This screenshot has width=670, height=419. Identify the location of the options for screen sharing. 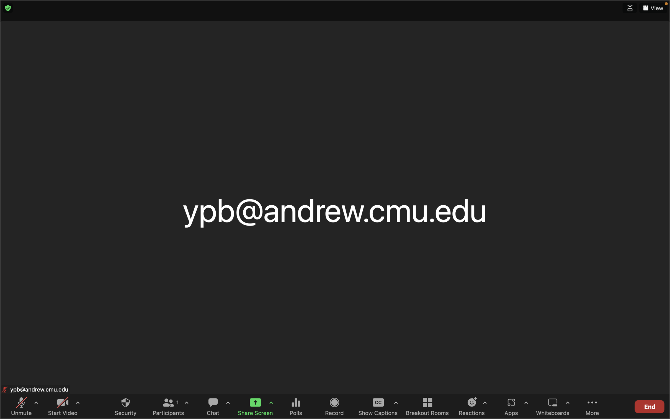
(271, 403).